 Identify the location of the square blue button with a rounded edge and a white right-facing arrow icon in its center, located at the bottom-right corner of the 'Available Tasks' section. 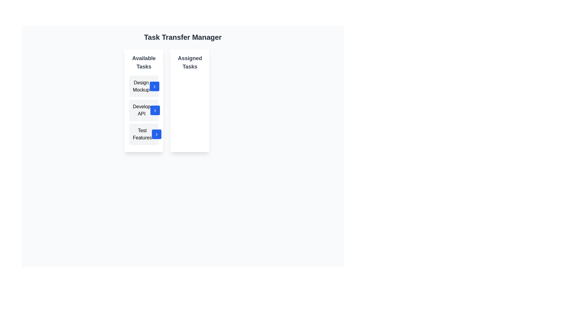
(156, 134).